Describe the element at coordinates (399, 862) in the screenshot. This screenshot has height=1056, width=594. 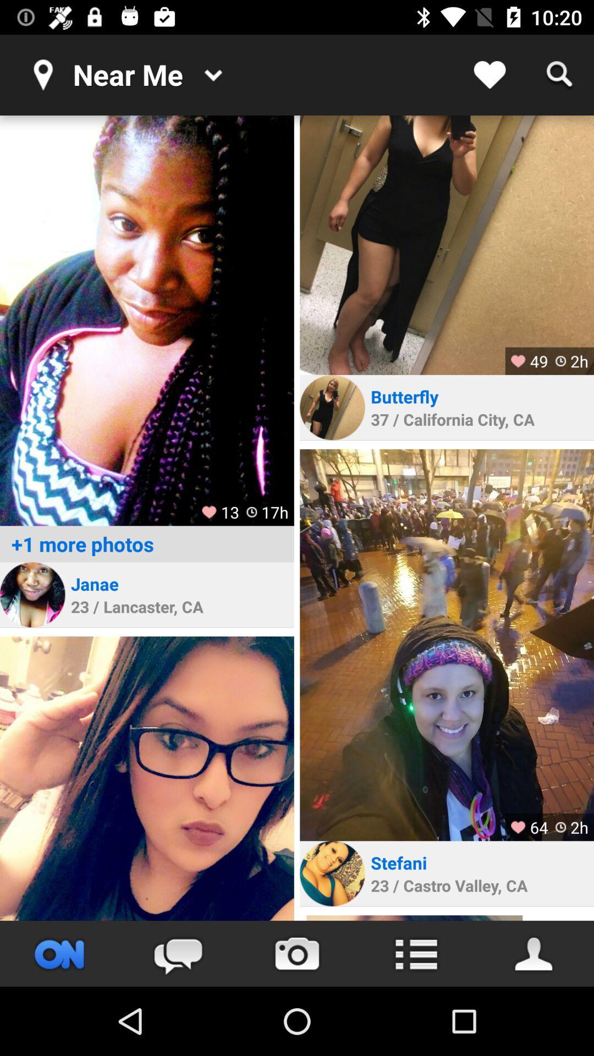
I see `stefani` at that location.